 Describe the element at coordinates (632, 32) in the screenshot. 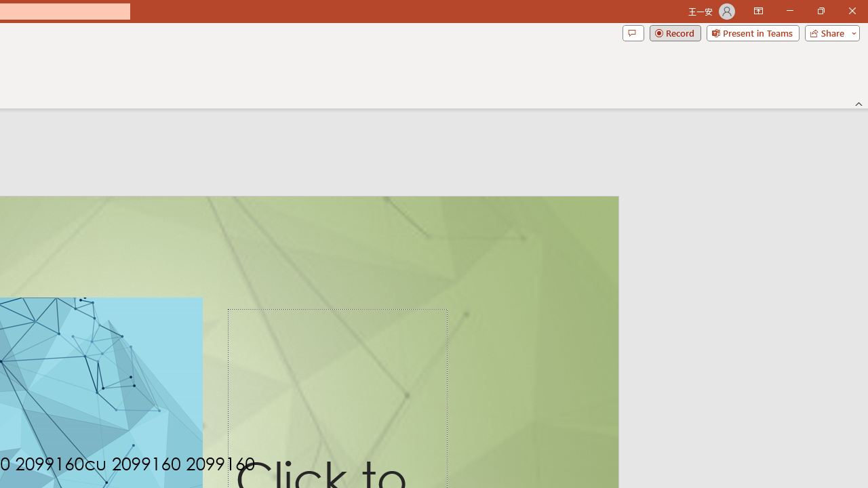

I see `'Comments'` at that location.